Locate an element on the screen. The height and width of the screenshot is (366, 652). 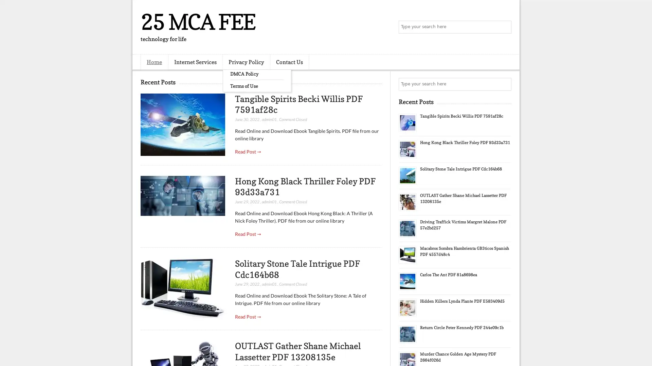
Search is located at coordinates (504, 84).